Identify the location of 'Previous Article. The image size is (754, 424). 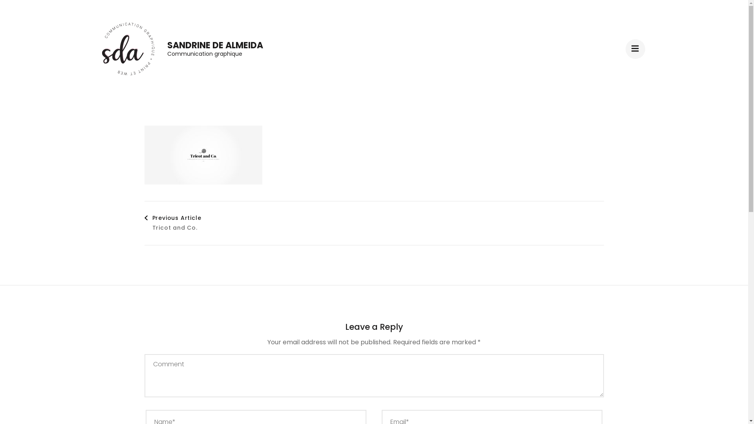
(172, 223).